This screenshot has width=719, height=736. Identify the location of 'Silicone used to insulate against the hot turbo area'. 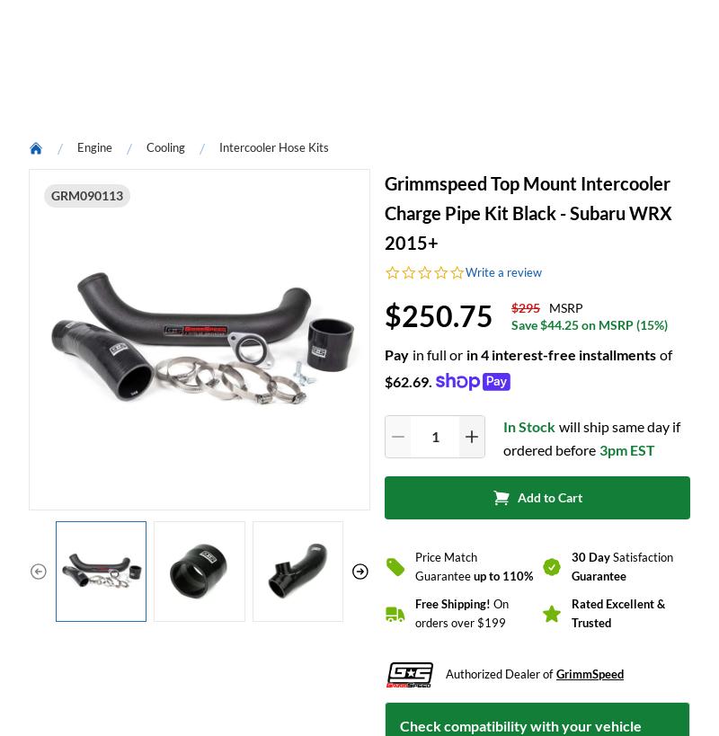
(184, 51).